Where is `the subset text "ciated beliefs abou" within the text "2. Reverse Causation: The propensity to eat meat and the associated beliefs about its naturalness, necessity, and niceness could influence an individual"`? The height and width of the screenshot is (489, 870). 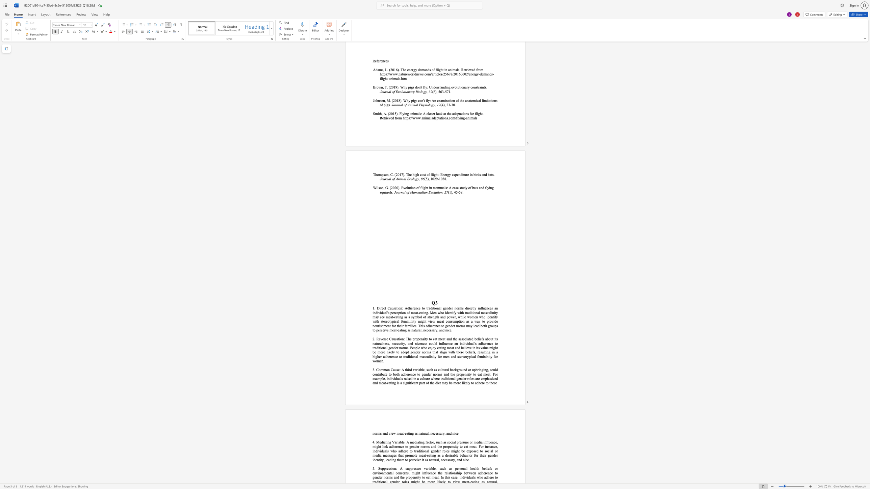
the subset text "ciated beliefs abou" within the text "2. Reverse Causation: The propensity to eat meat and the associated beliefs about its naturalness, necessity, and niceness could influence an individual" is located at coordinates (464, 339).